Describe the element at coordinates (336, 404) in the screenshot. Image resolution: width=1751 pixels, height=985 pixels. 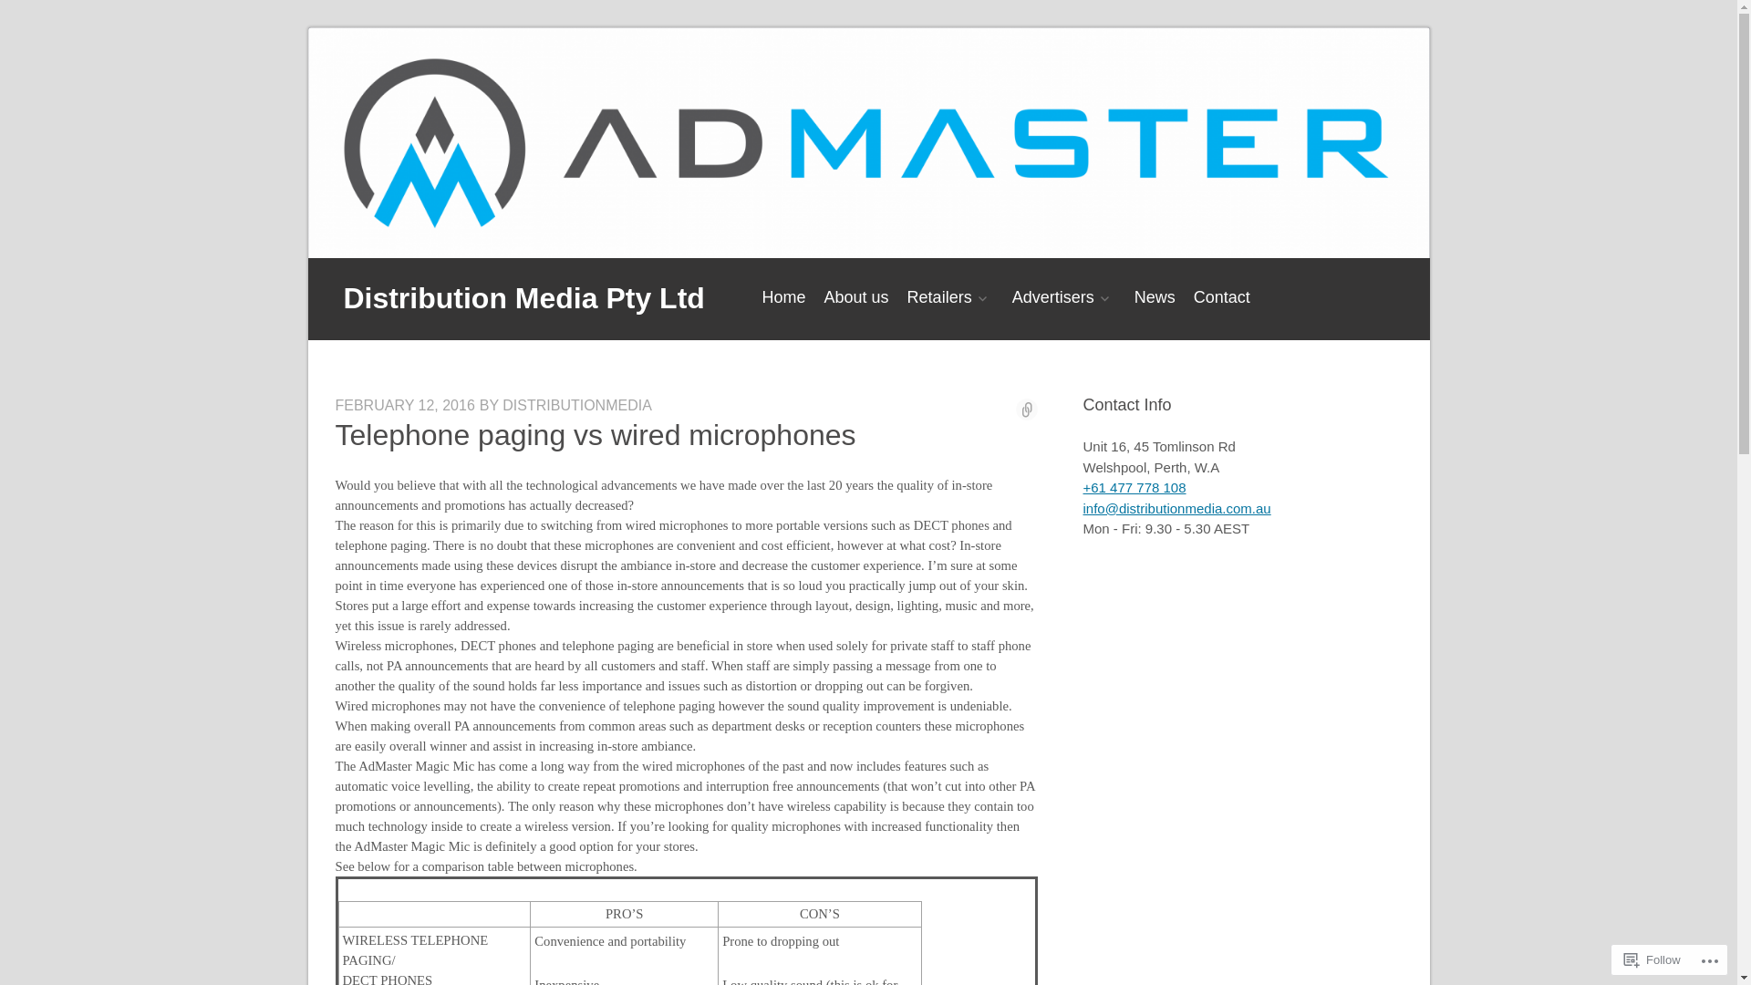
I see `'FEBRUARY 12, 2016'` at that location.